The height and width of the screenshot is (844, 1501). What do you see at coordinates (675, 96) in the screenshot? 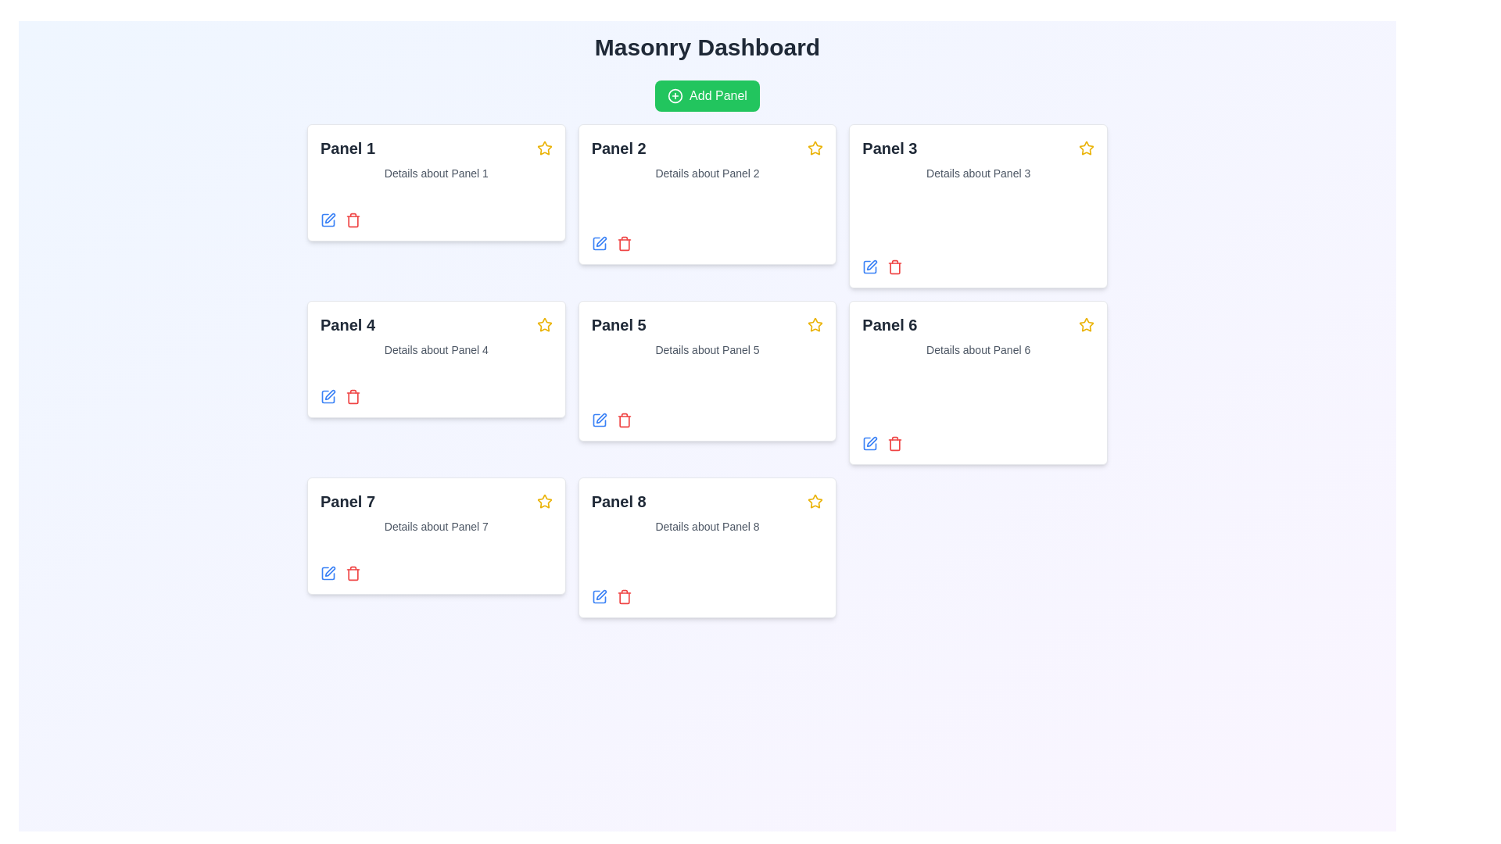
I see `the circular icon with a plus sign in the center, styled with a green background, located next to the text in the 'Add Panel' button` at bounding box center [675, 96].